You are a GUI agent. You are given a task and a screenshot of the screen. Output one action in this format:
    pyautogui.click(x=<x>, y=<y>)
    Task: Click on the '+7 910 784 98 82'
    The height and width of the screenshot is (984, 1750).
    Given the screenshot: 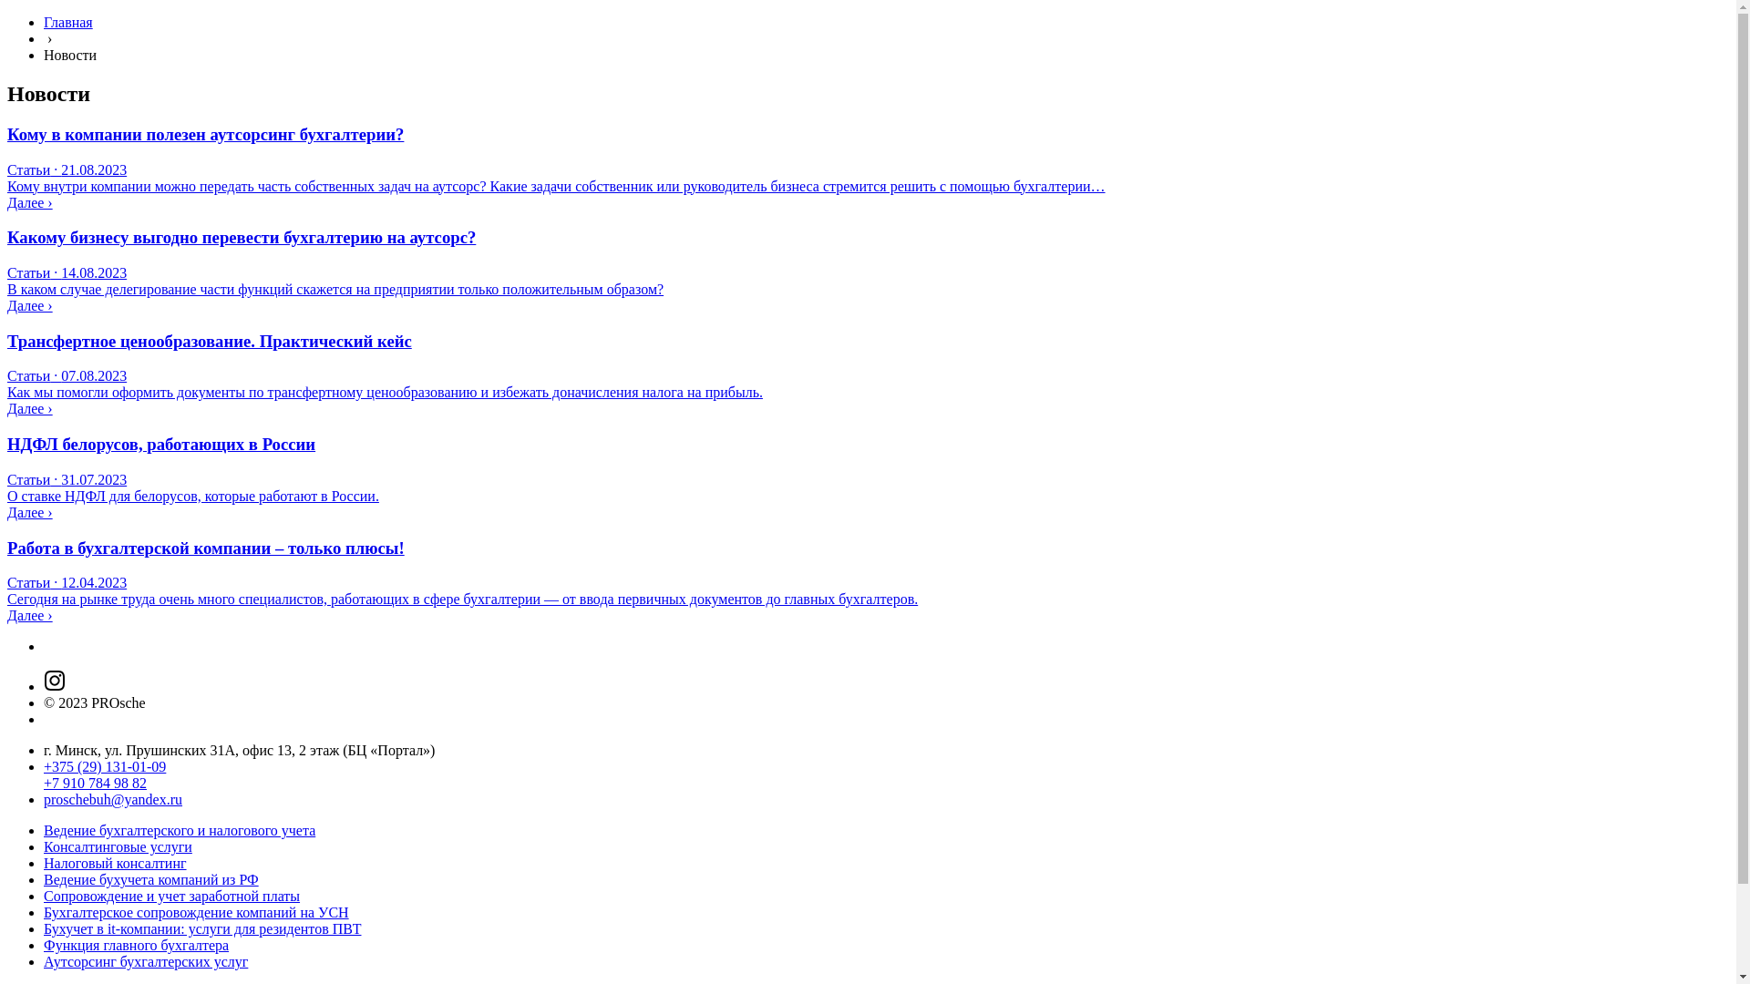 What is the action you would take?
    pyautogui.click(x=94, y=782)
    